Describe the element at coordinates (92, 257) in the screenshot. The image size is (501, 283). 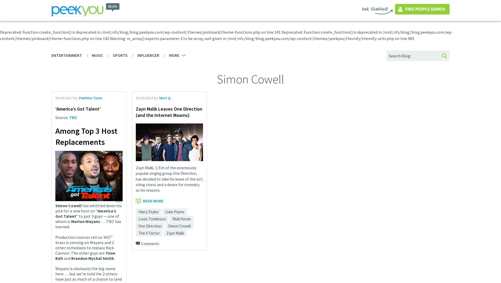
I see `'Brandon Mychal Smith'` at that location.